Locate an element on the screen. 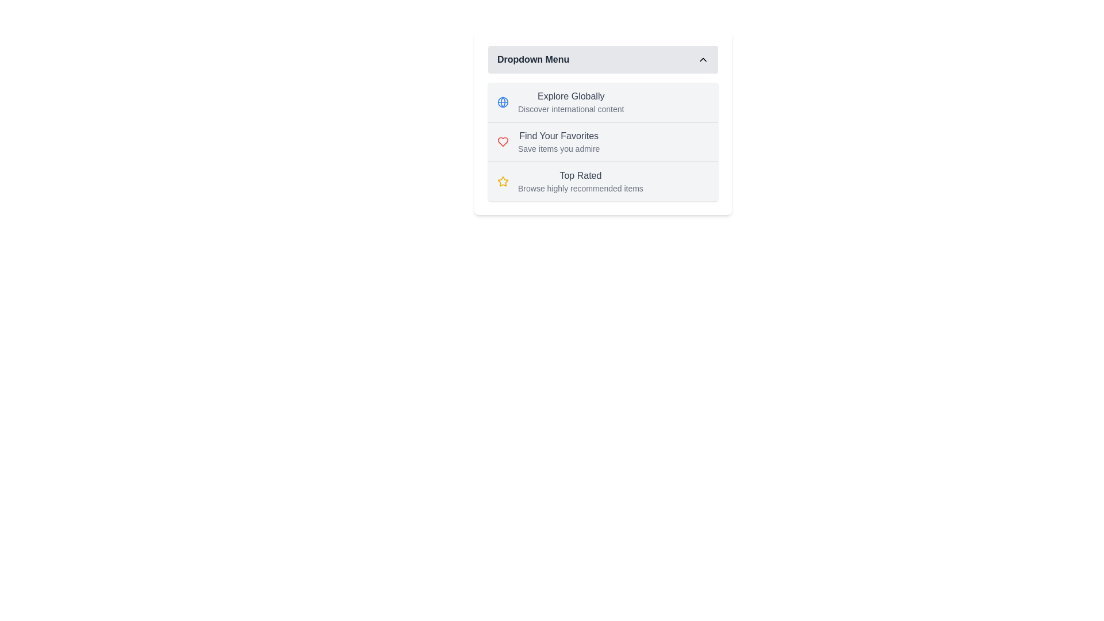 The image size is (1104, 621). the 'Top Rated' menu item in the dropdown for accessibility navigation is located at coordinates (580, 181).